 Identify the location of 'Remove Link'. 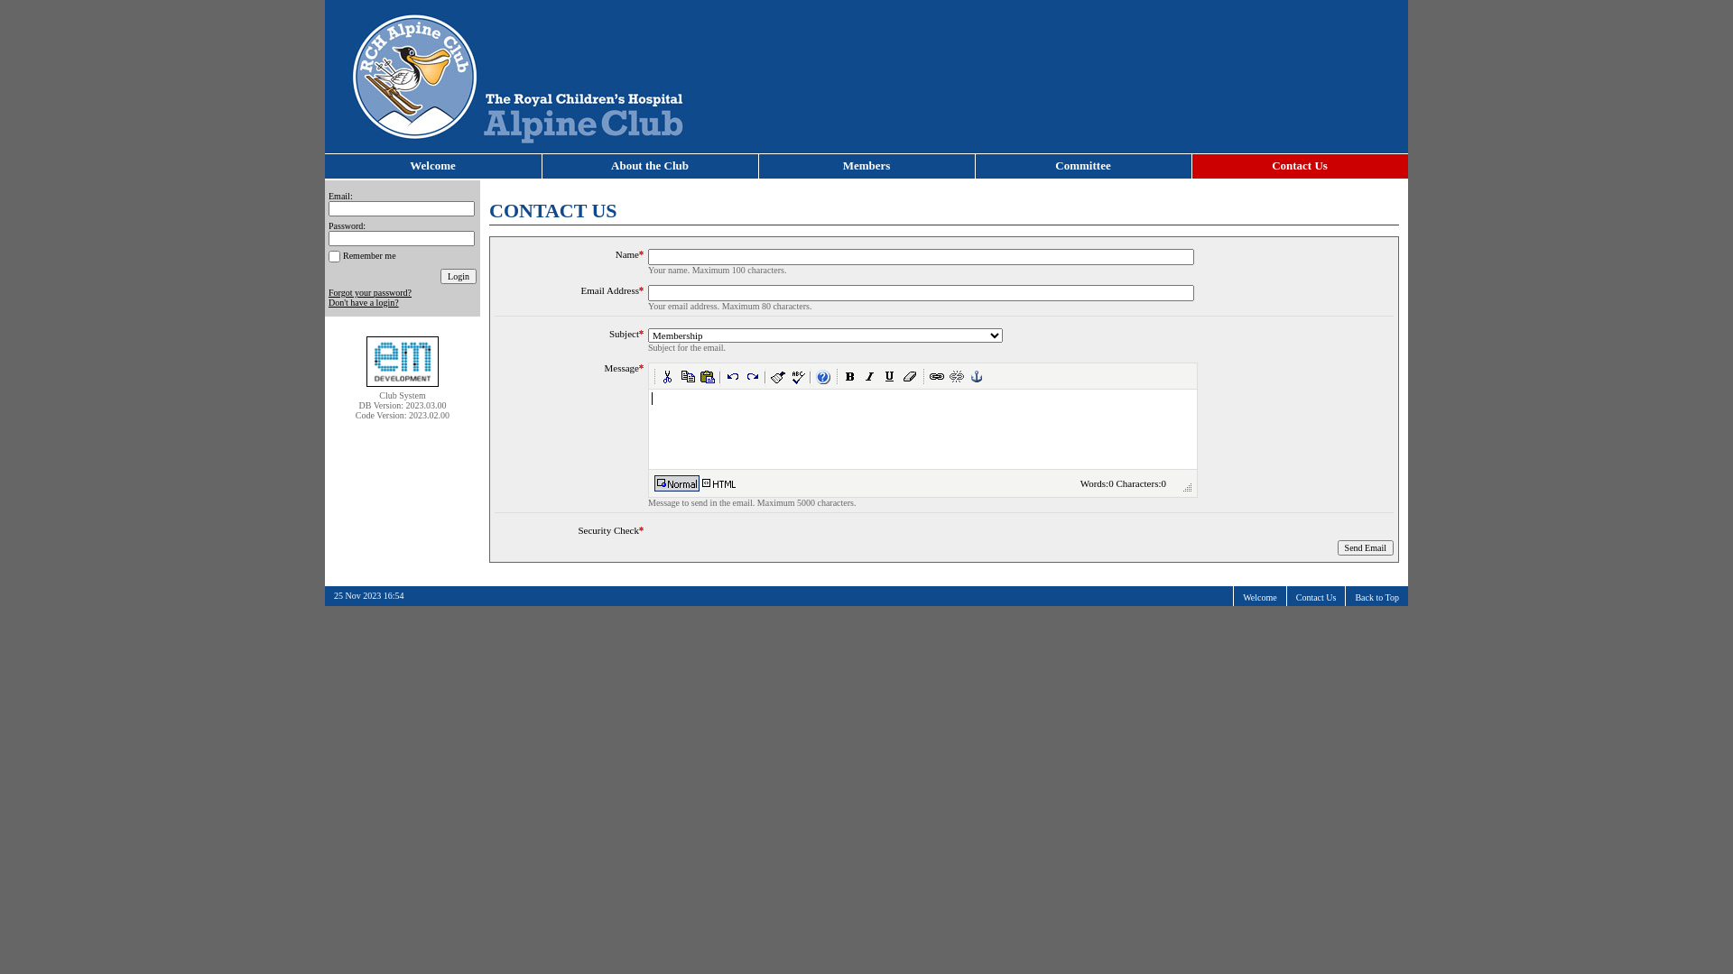
(956, 375).